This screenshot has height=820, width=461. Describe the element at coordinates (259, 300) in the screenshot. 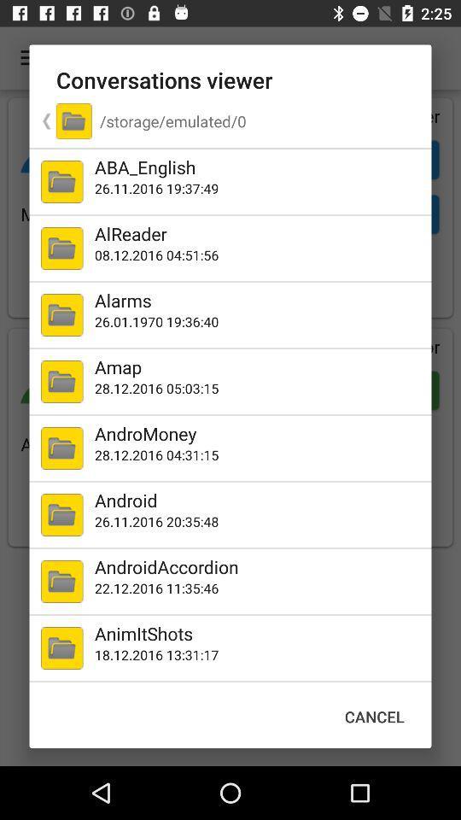

I see `alarms icon` at that location.